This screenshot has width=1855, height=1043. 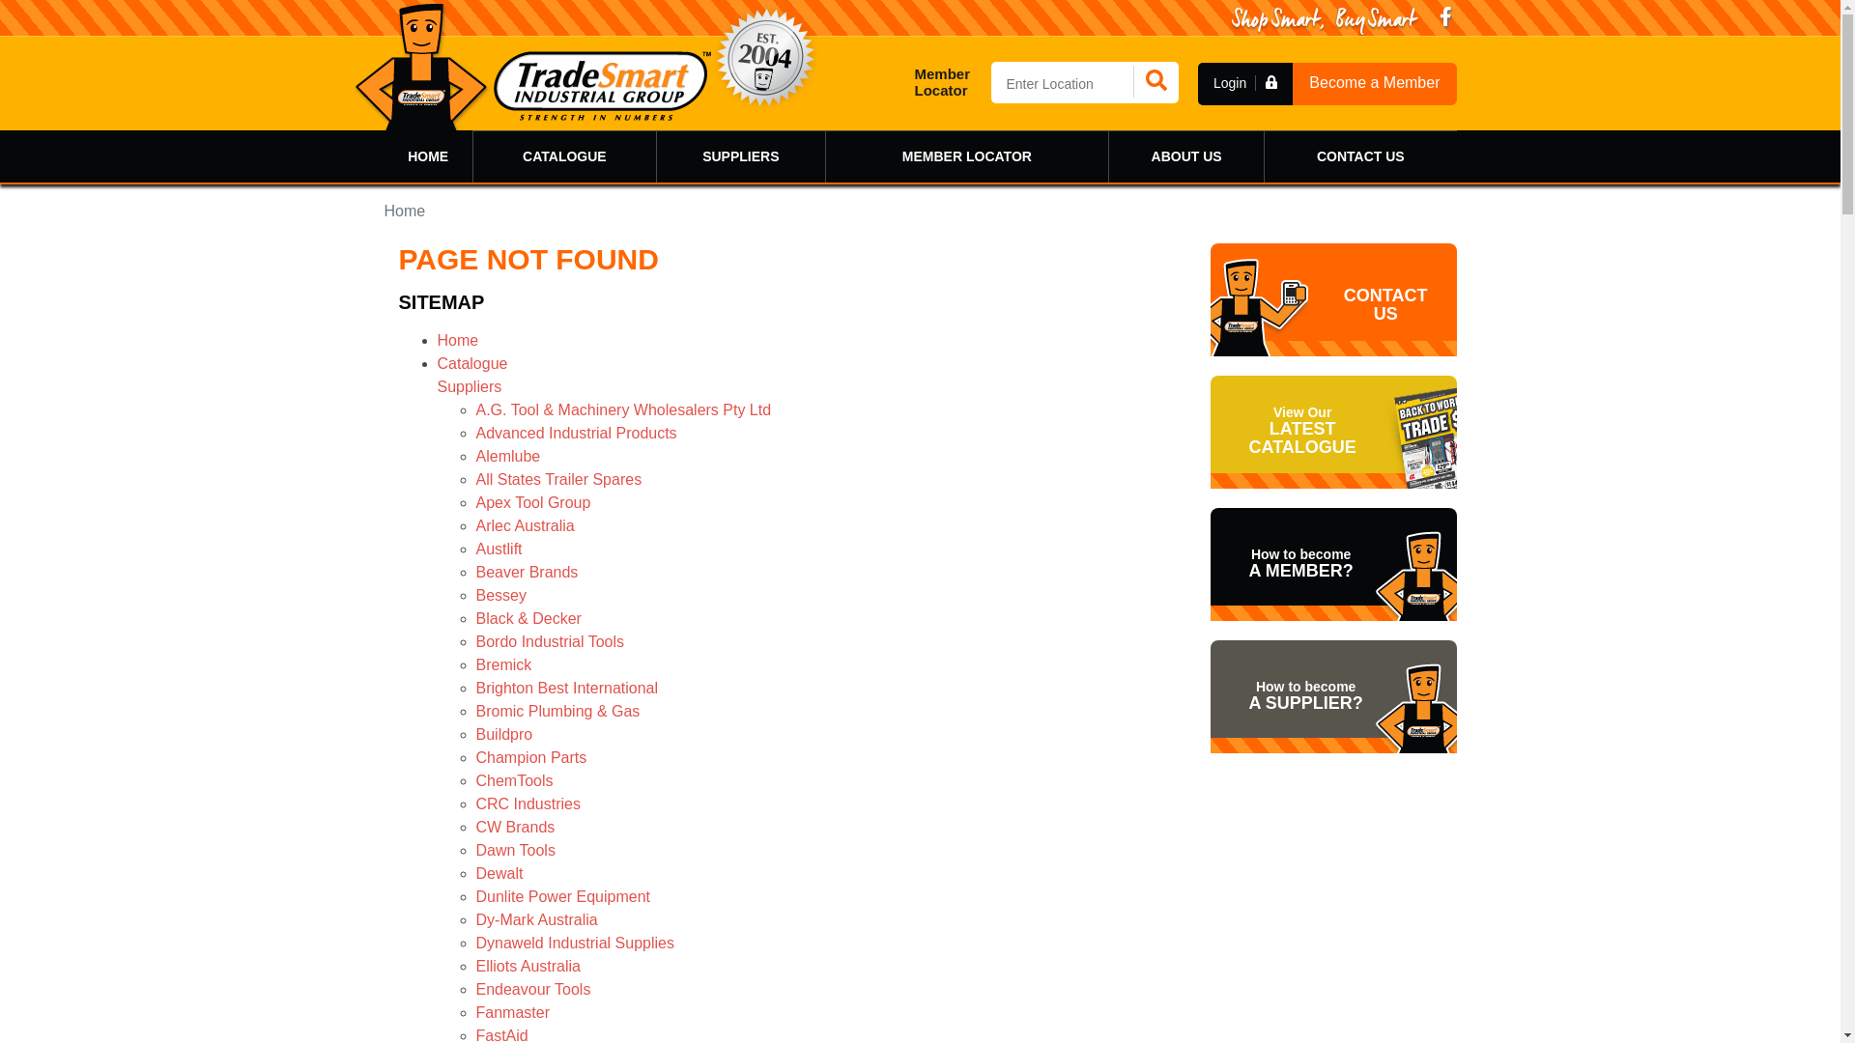 What do you see at coordinates (511, 1011) in the screenshot?
I see `'Fanmaster'` at bounding box center [511, 1011].